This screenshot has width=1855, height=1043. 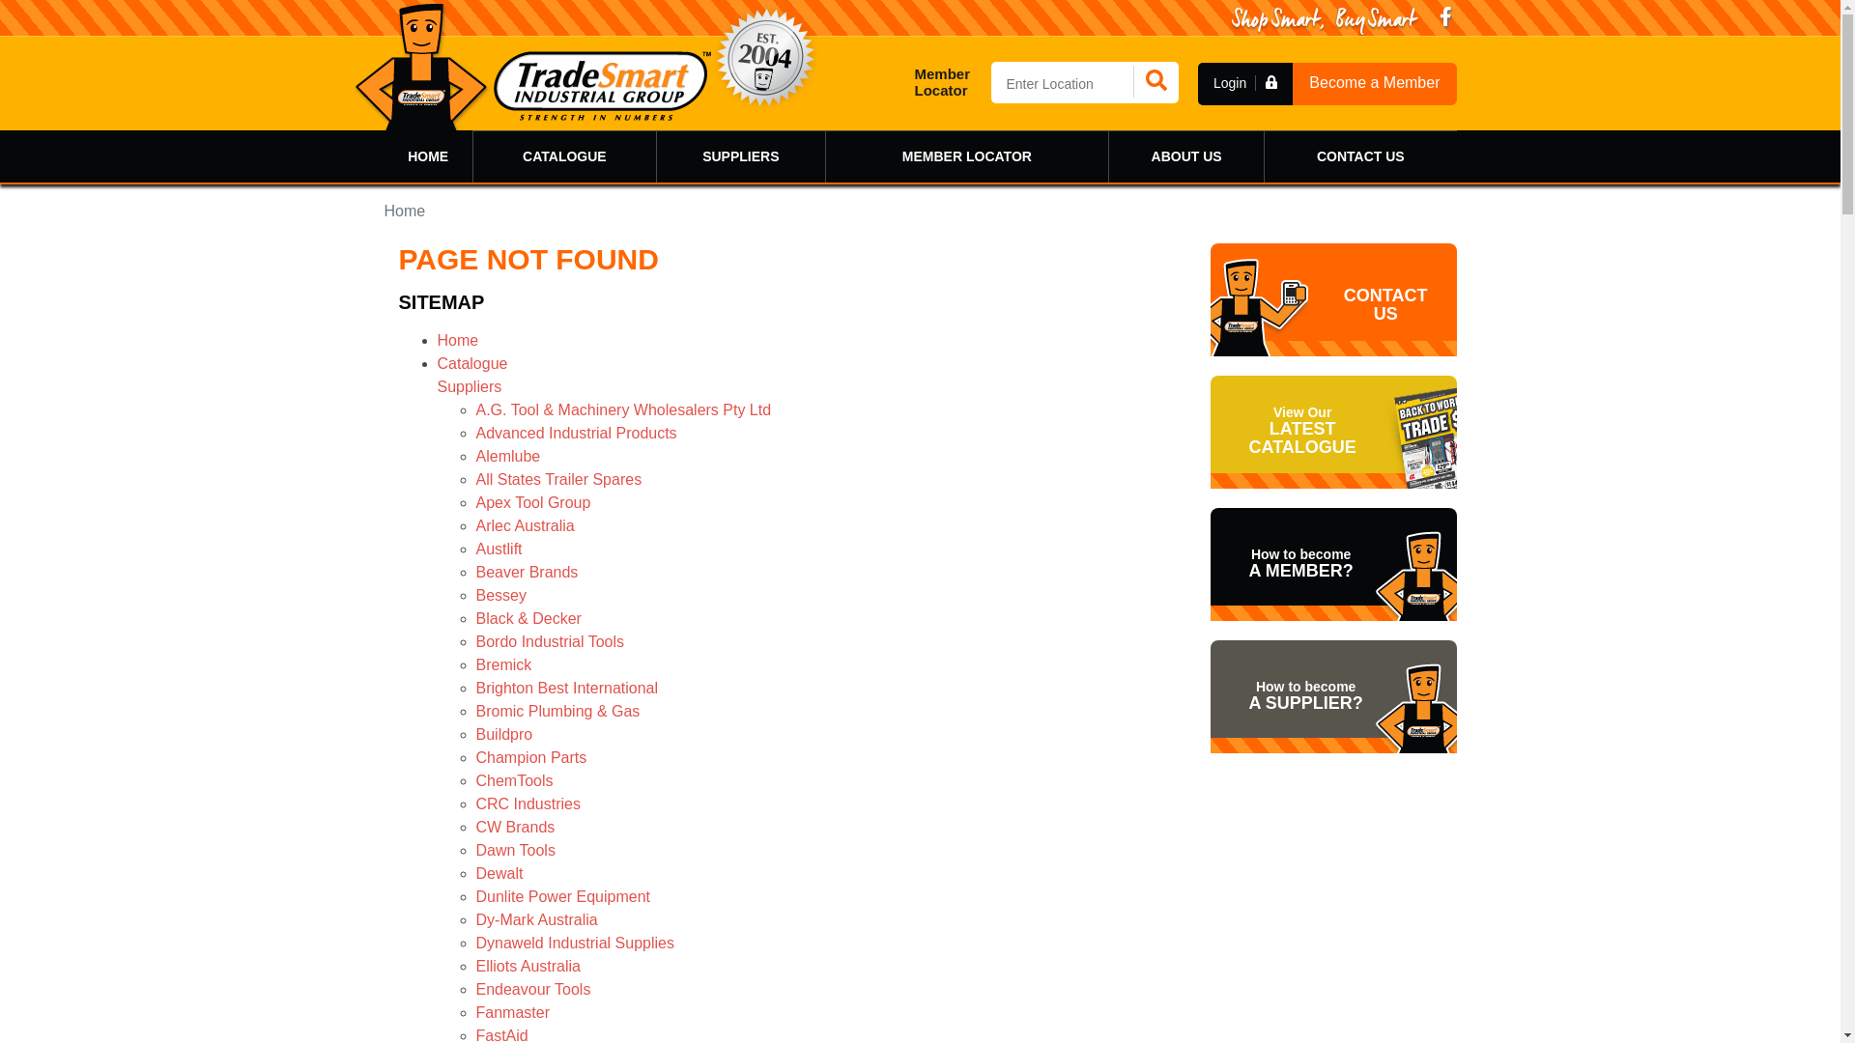 What do you see at coordinates (511, 1011) in the screenshot?
I see `'Fanmaster'` at bounding box center [511, 1011].